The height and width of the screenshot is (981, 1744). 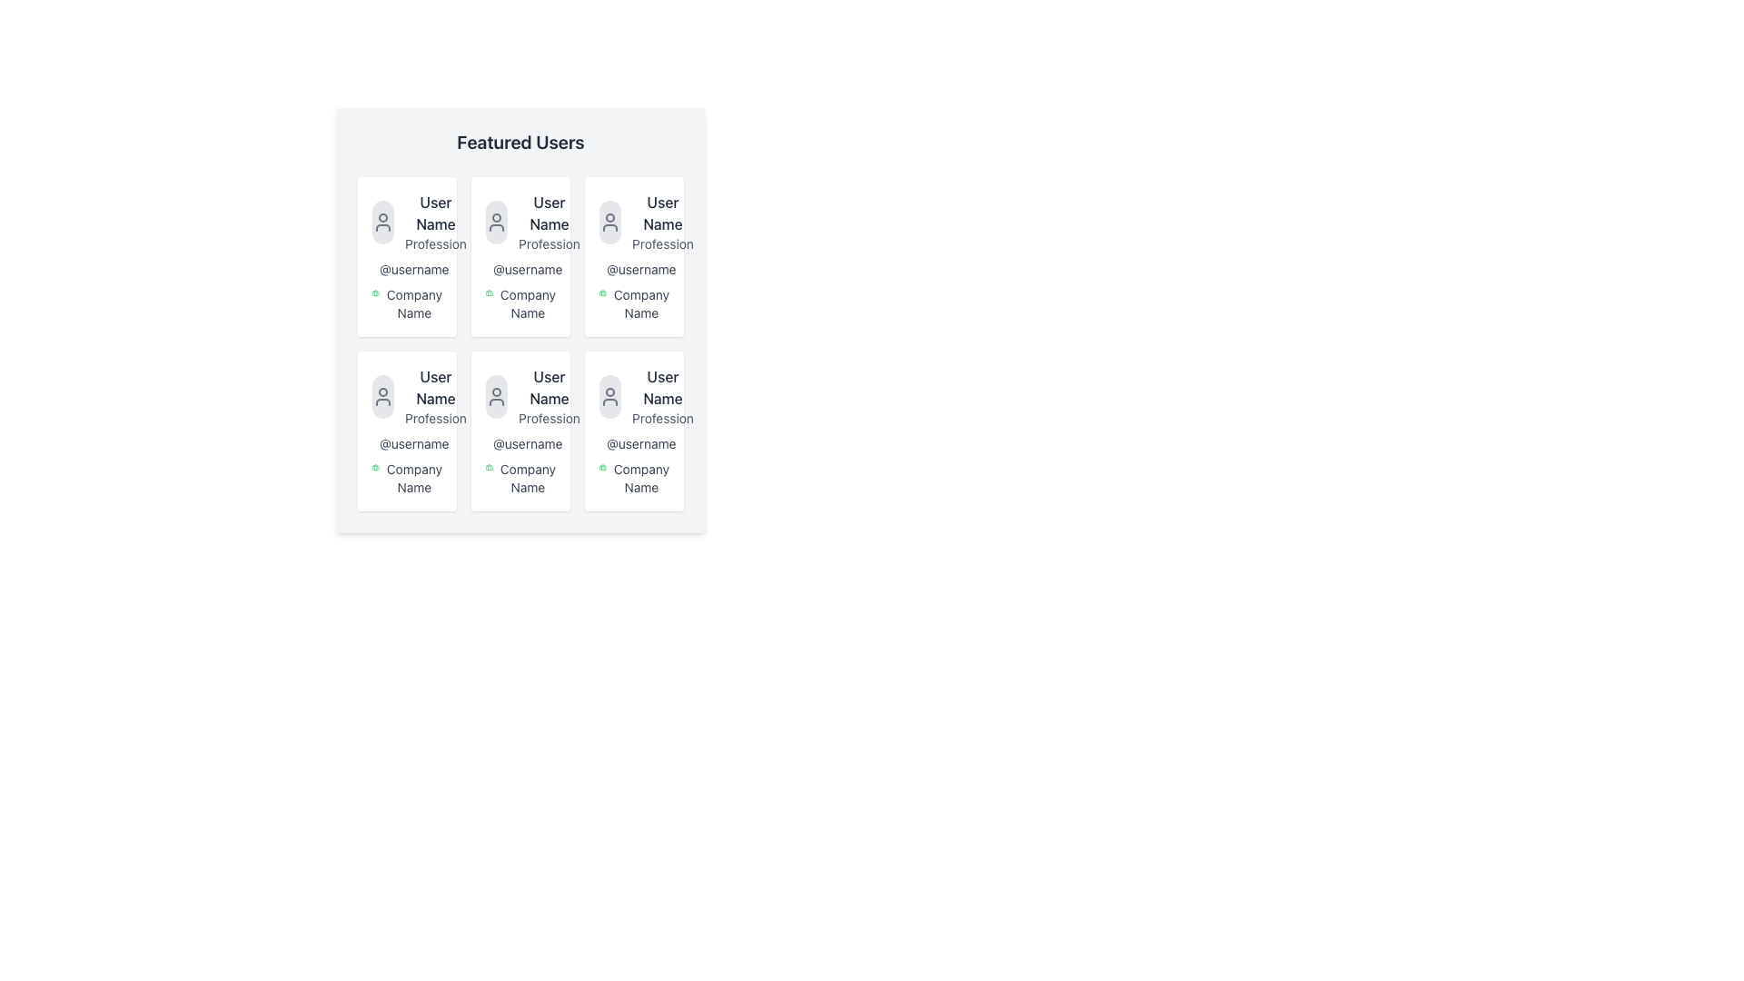 What do you see at coordinates (634, 444) in the screenshot?
I see `the username text label located in the user profile card at the bottom-right, which displays the user's handle` at bounding box center [634, 444].